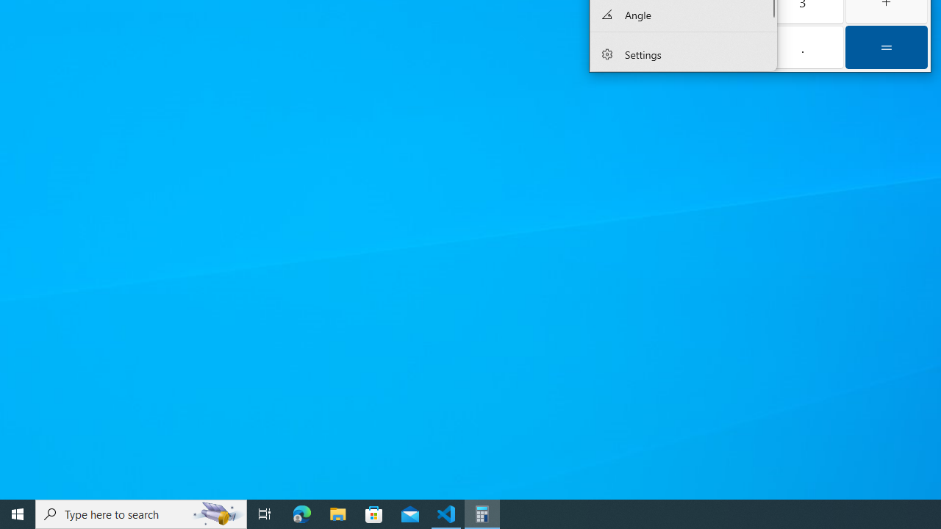 This screenshot has width=941, height=529. I want to click on 'Task View', so click(264, 513).